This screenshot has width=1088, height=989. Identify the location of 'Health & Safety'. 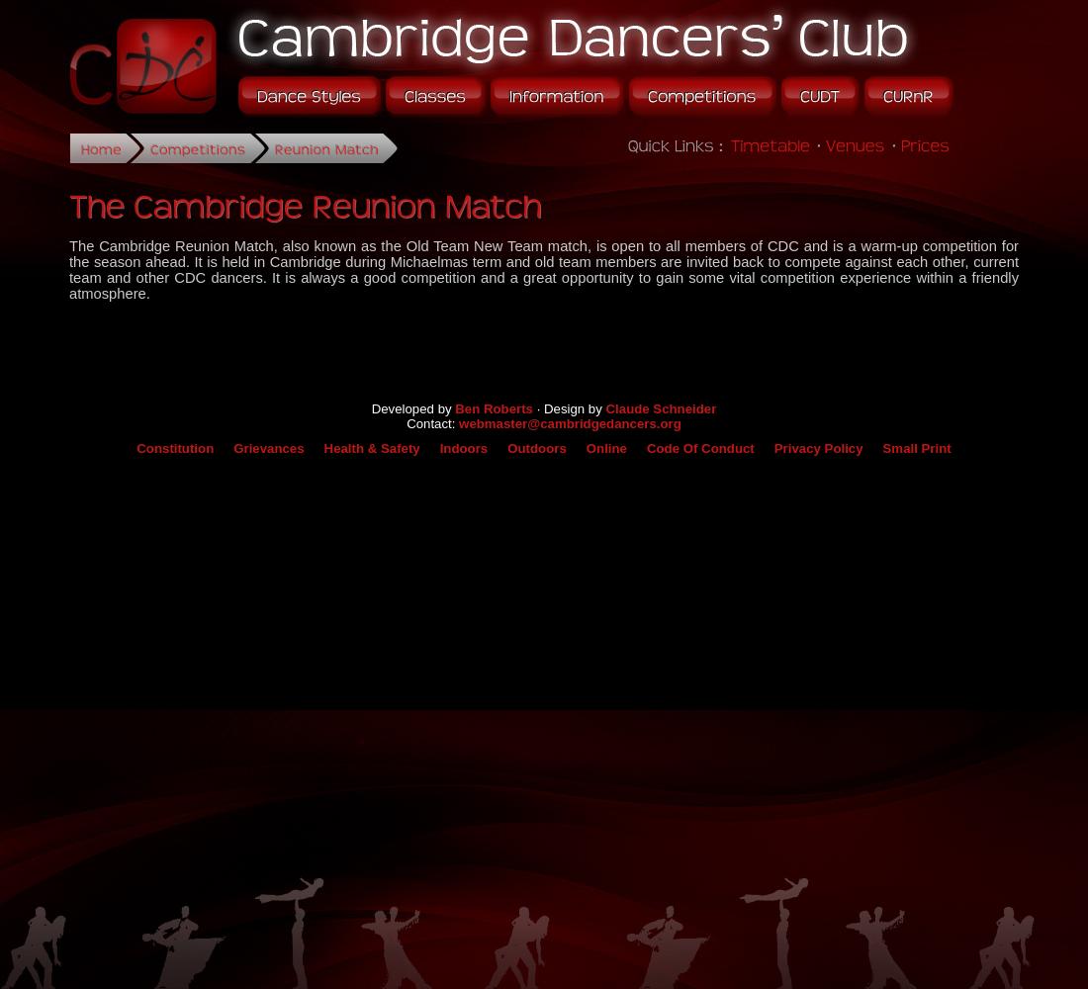
(371, 446).